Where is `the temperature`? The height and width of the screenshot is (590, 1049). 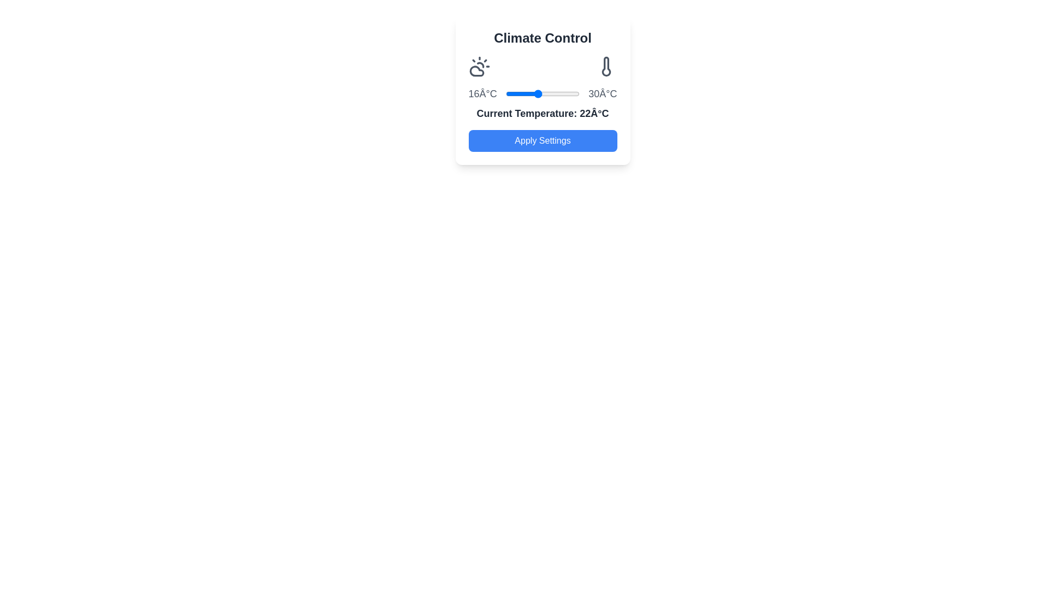
the temperature is located at coordinates (527, 93).